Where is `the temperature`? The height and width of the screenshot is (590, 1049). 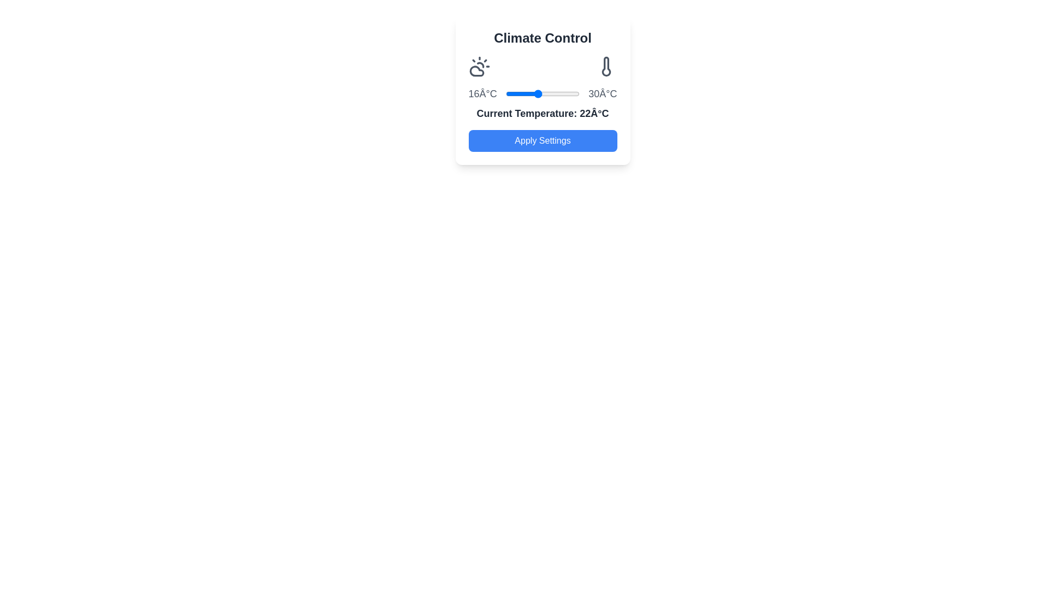
the temperature is located at coordinates (527, 93).